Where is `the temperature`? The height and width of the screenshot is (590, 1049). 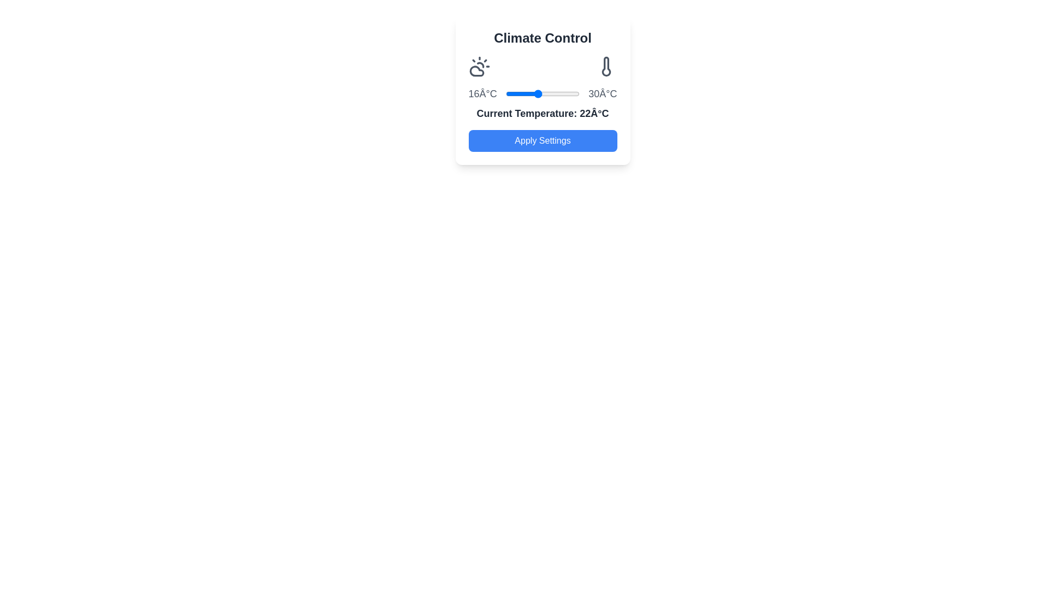
the temperature is located at coordinates (527, 93).